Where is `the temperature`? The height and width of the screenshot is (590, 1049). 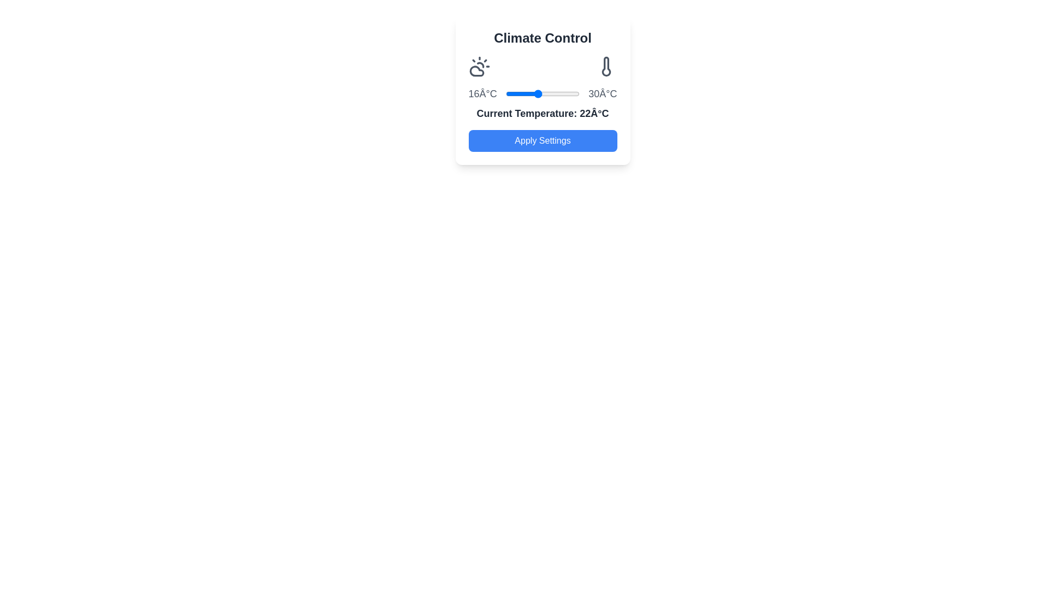
the temperature is located at coordinates (527, 93).